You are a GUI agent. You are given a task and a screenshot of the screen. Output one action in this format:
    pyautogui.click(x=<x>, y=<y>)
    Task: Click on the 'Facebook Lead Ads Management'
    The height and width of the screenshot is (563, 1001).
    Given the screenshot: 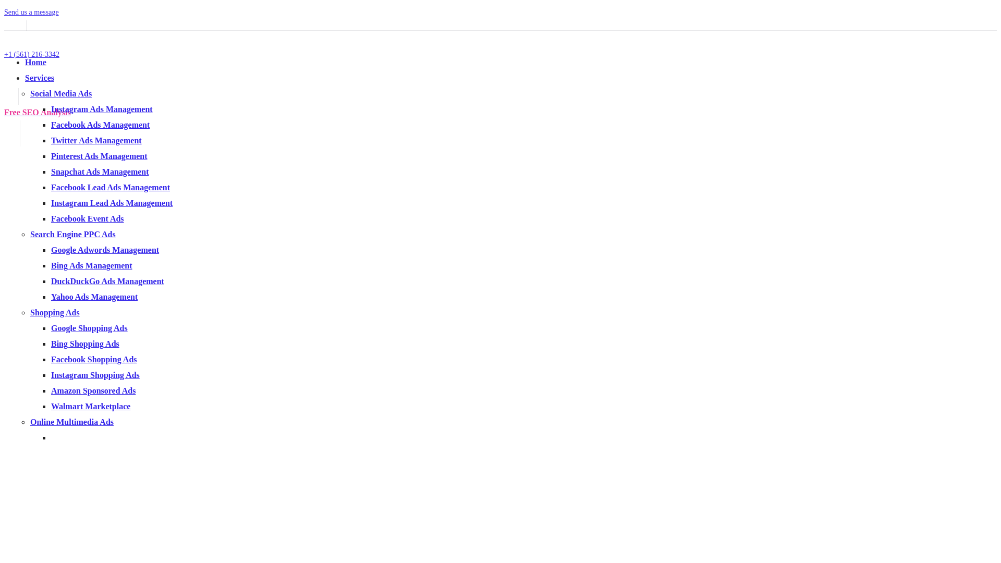 What is the action you would take?
    pyautogui.click(x=110, y=187)
    